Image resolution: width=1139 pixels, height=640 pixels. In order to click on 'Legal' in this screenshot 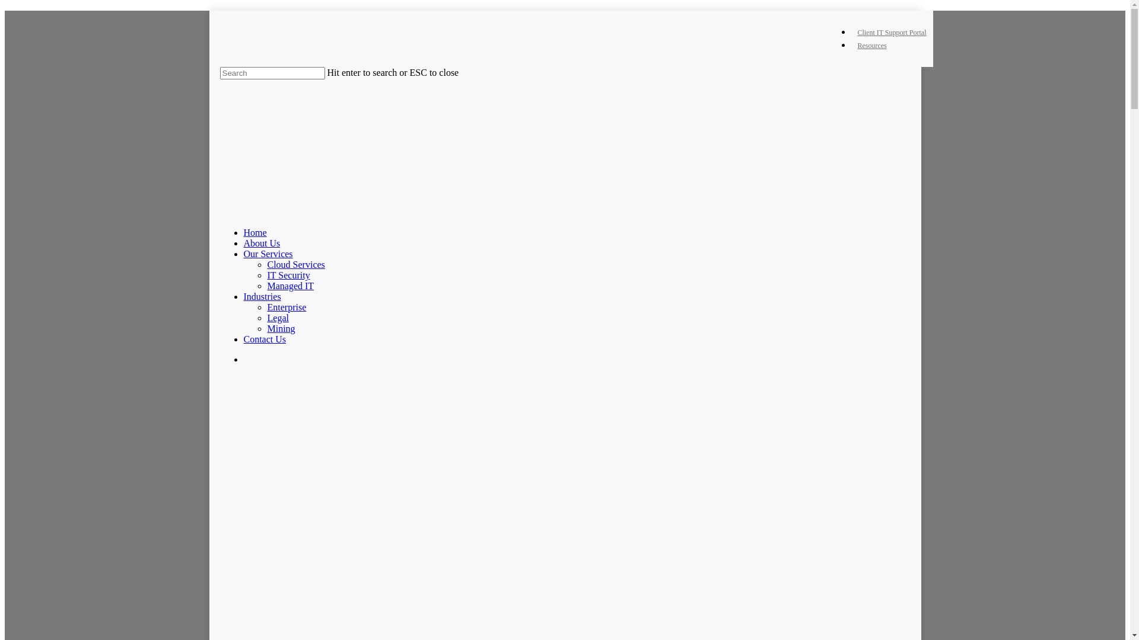, I will do `click(276, 317)`.